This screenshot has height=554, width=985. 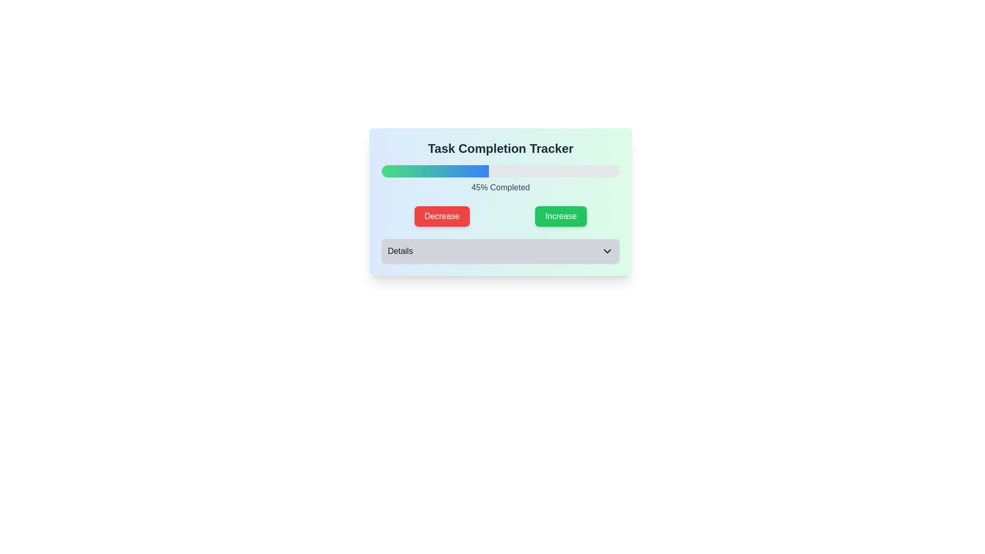 What do you see at coordinates (442, 215) in the screenshot?
I see `the left button designed to decrease a specific value or setting for keyboard interaction` at bounding box center [442, 215].